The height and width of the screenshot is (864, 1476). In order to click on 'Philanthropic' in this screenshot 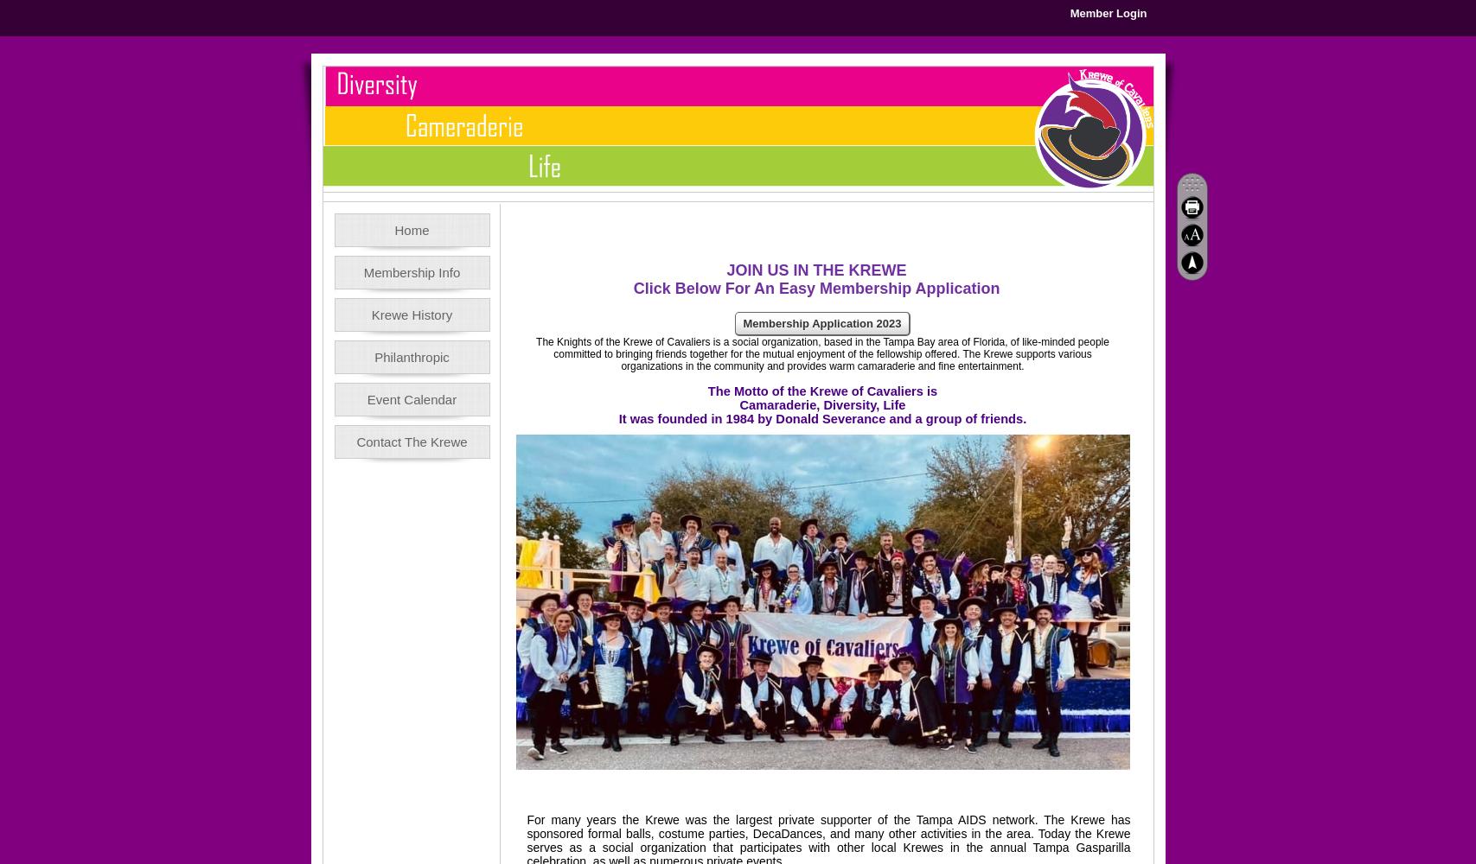, I will do `click(412, 357)`.